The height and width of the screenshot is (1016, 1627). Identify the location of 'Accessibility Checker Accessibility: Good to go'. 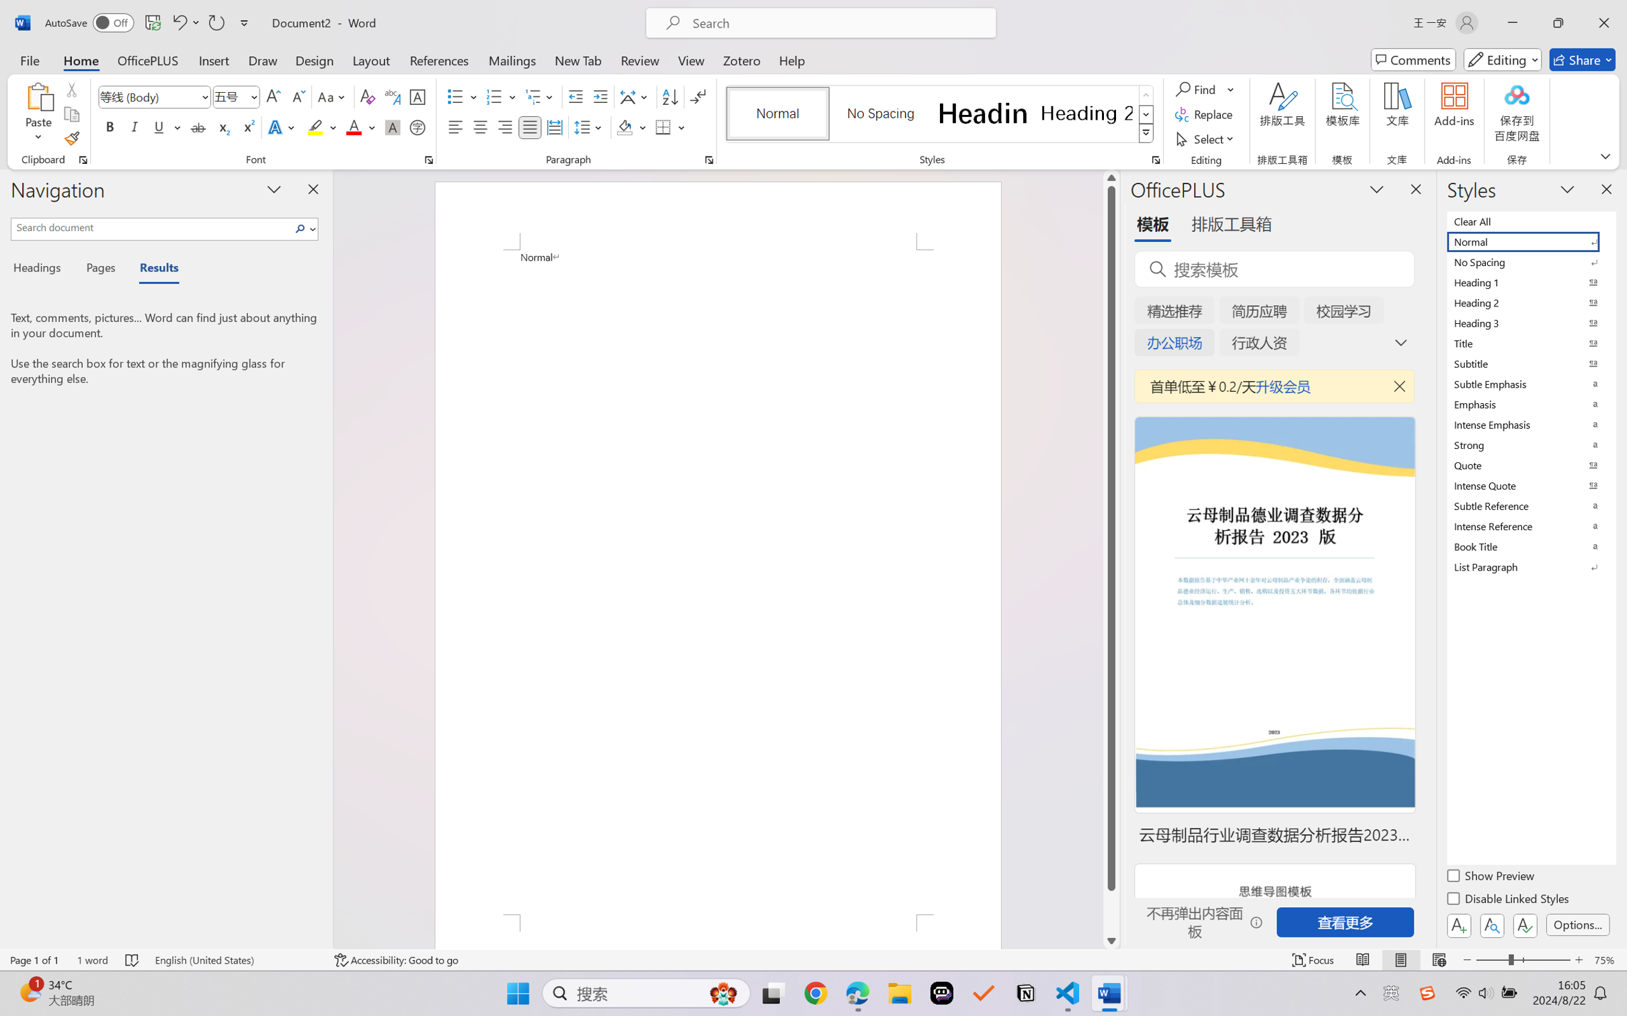
(395, 960).